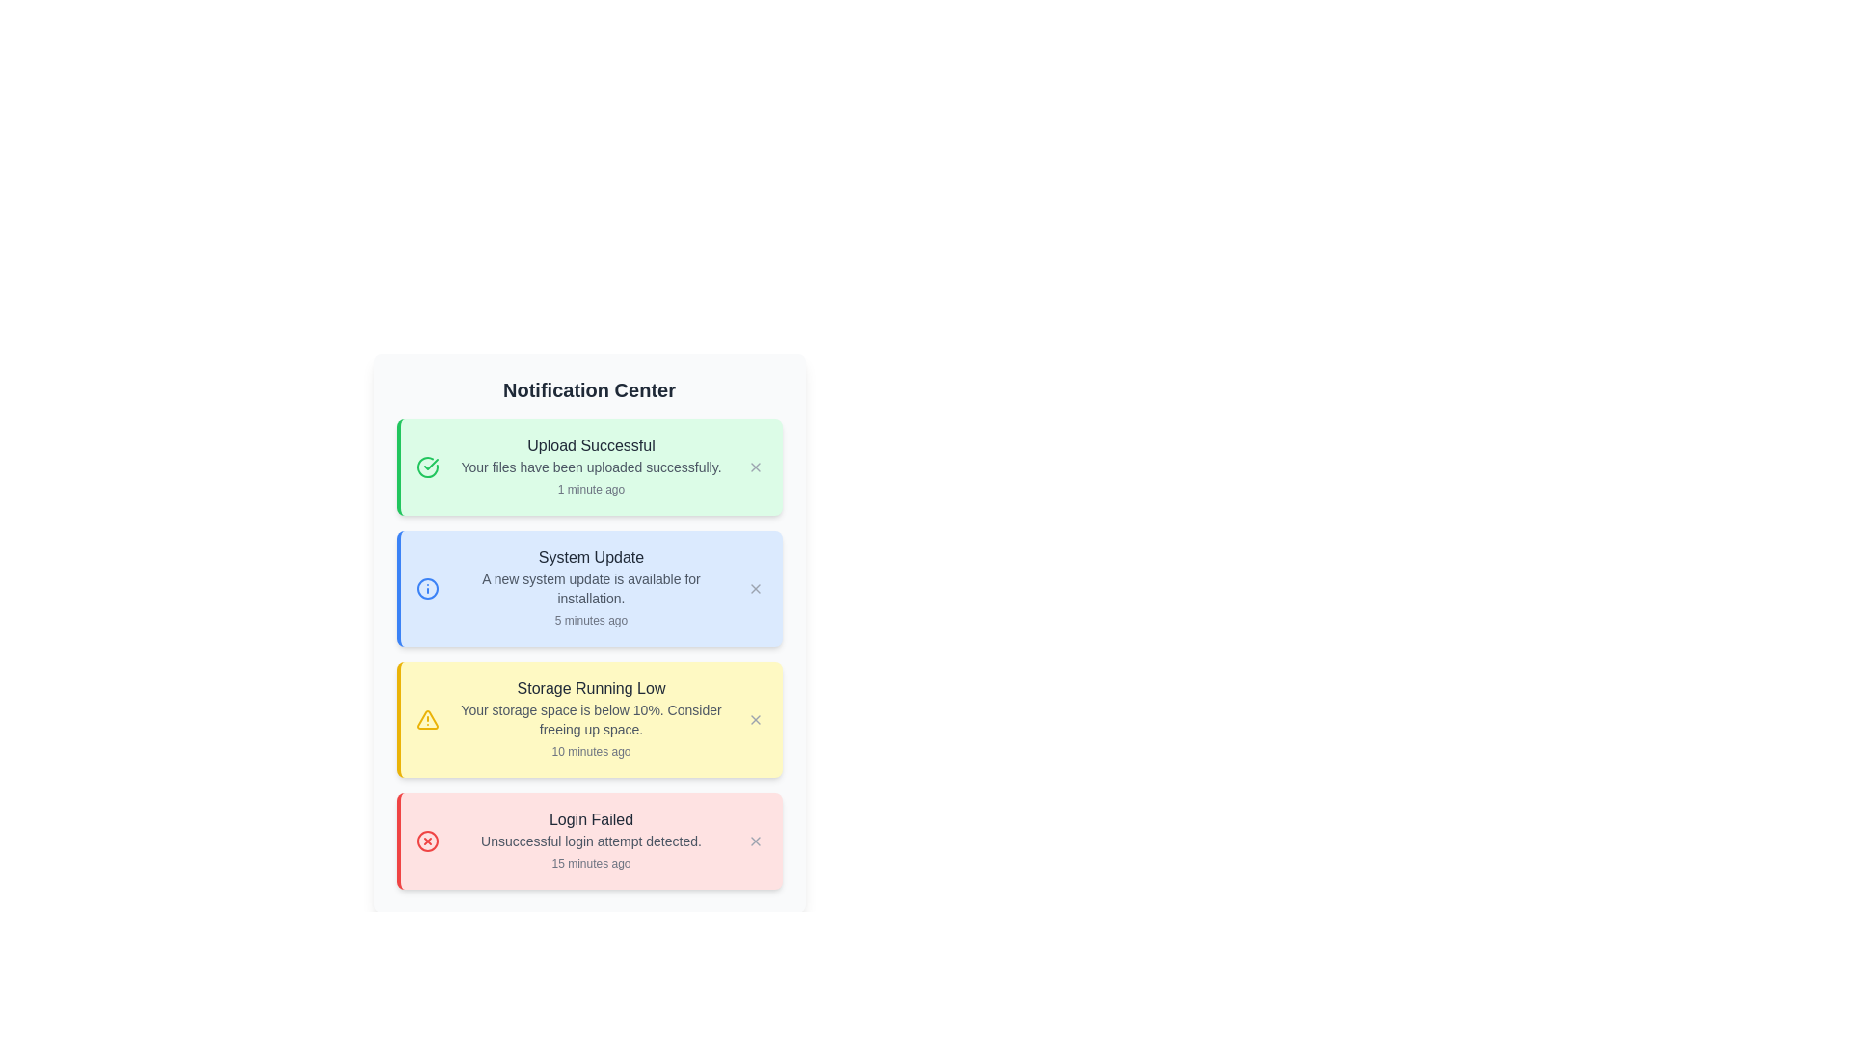 Image resolution: width=1851 pixels, height=1041 pixels. I want to click on the 'Login Failed' text label, which is displayed in a medium-weight font with dark gray color (#4A5568) and is part of a notification card with a light red background, so click(590, 820).